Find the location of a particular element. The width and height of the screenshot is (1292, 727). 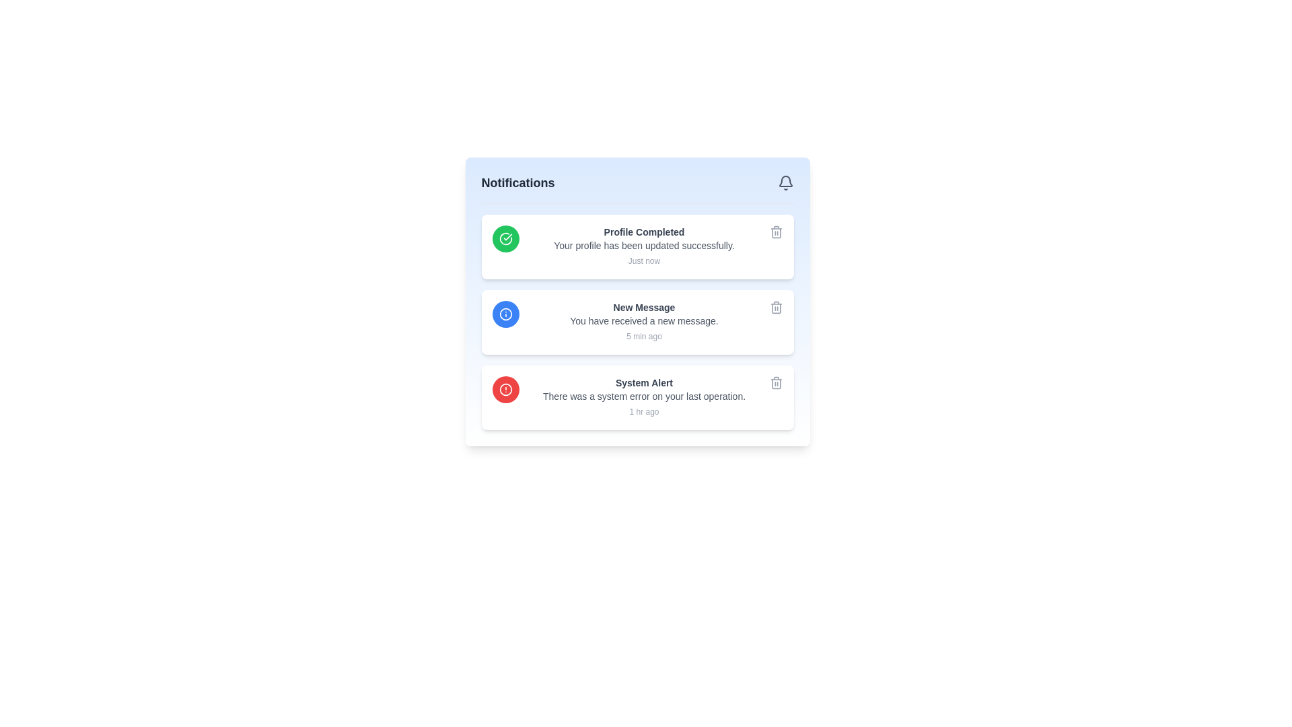

text element that is positioned below the header 'System Alert' and above the timestamp '1 hr ago' is located at coordinates (643, 396).